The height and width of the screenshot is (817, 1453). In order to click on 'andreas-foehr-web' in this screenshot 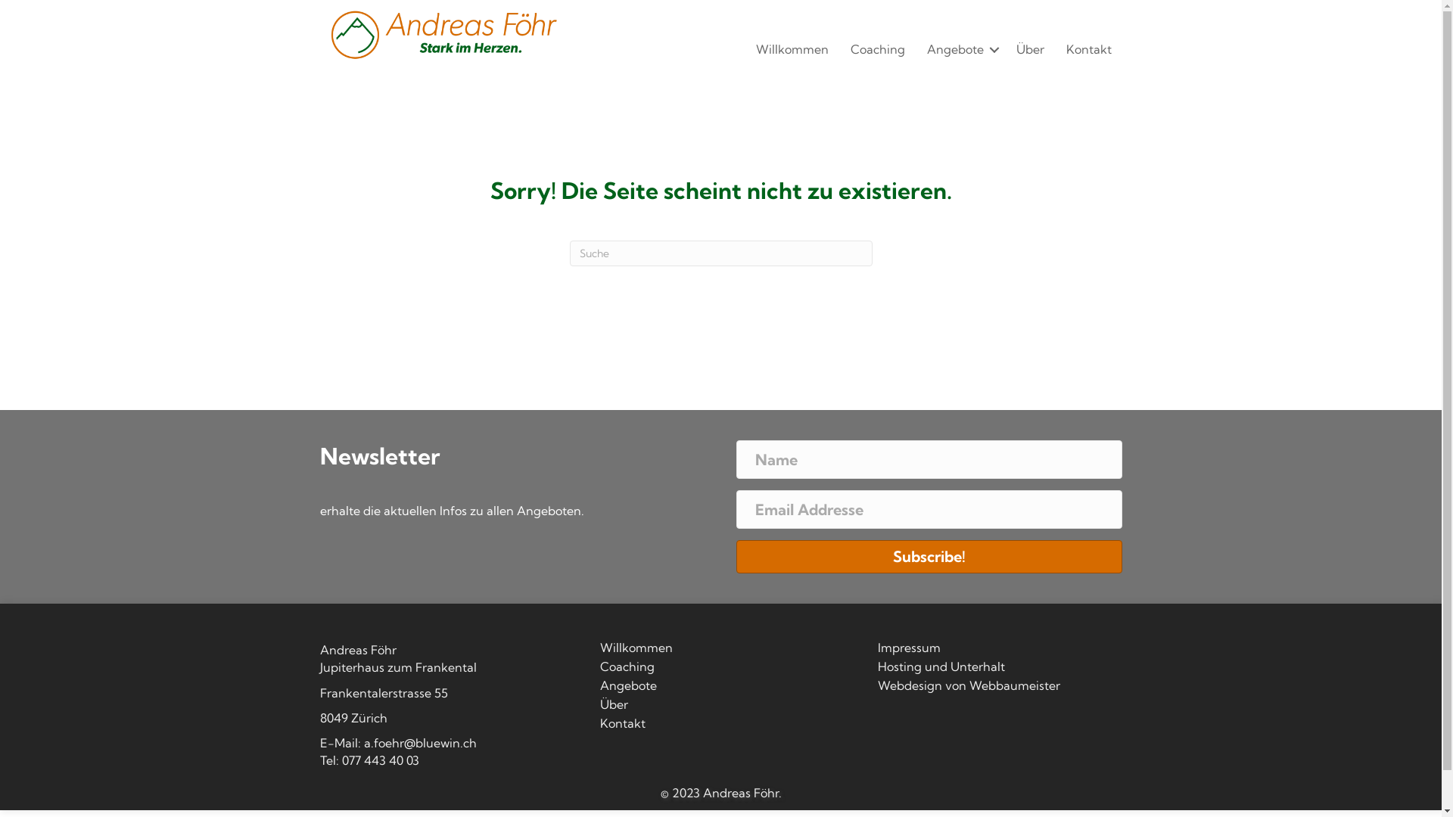, I will do `click(441, 34)`.